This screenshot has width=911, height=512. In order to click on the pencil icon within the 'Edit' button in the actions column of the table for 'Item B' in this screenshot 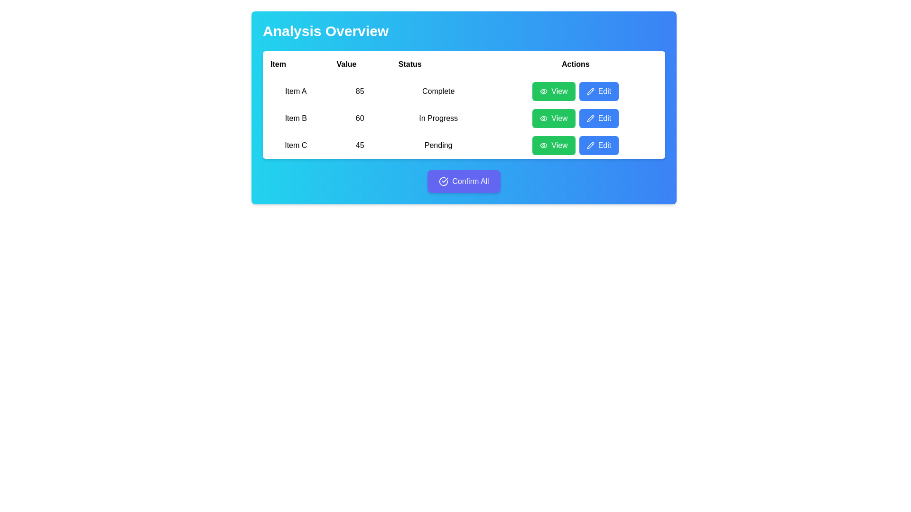, I will do `click(590, 118)`.